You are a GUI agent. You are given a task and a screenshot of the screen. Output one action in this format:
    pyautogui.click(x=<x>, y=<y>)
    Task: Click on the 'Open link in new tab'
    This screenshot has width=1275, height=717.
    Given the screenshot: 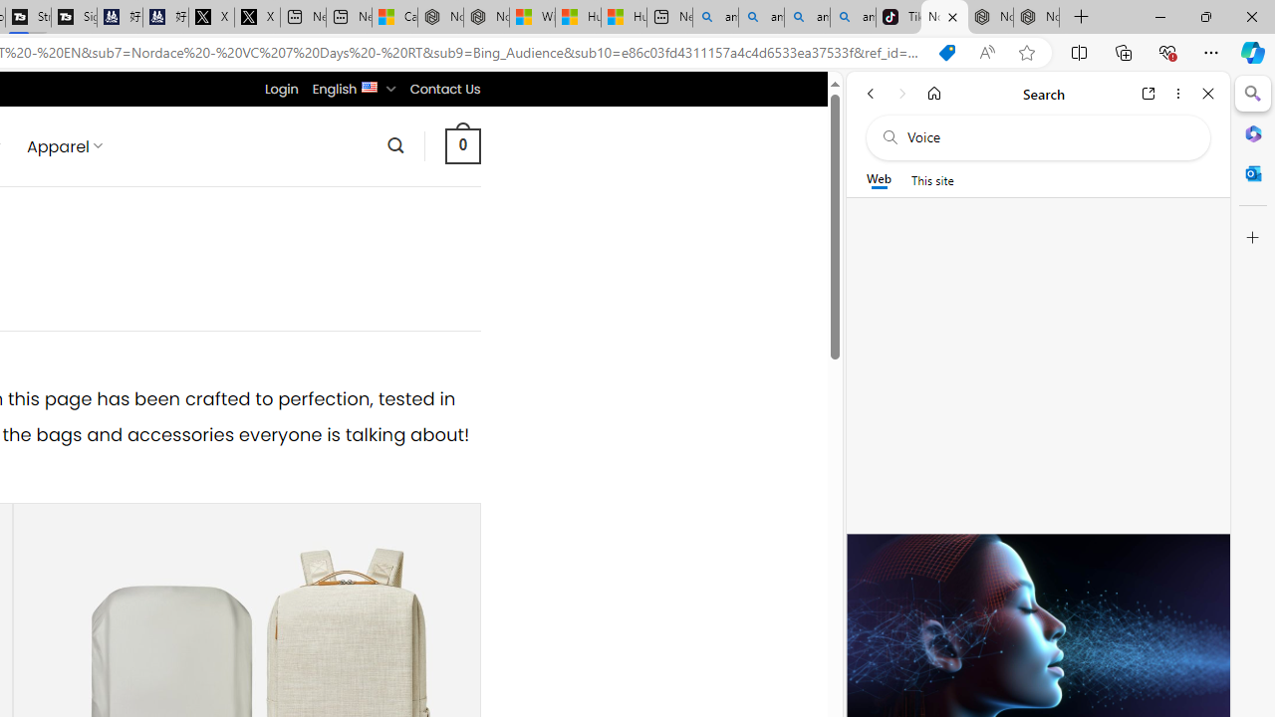 What is the action you would take?
    pyautogui.click(x=1148, y=93)
    